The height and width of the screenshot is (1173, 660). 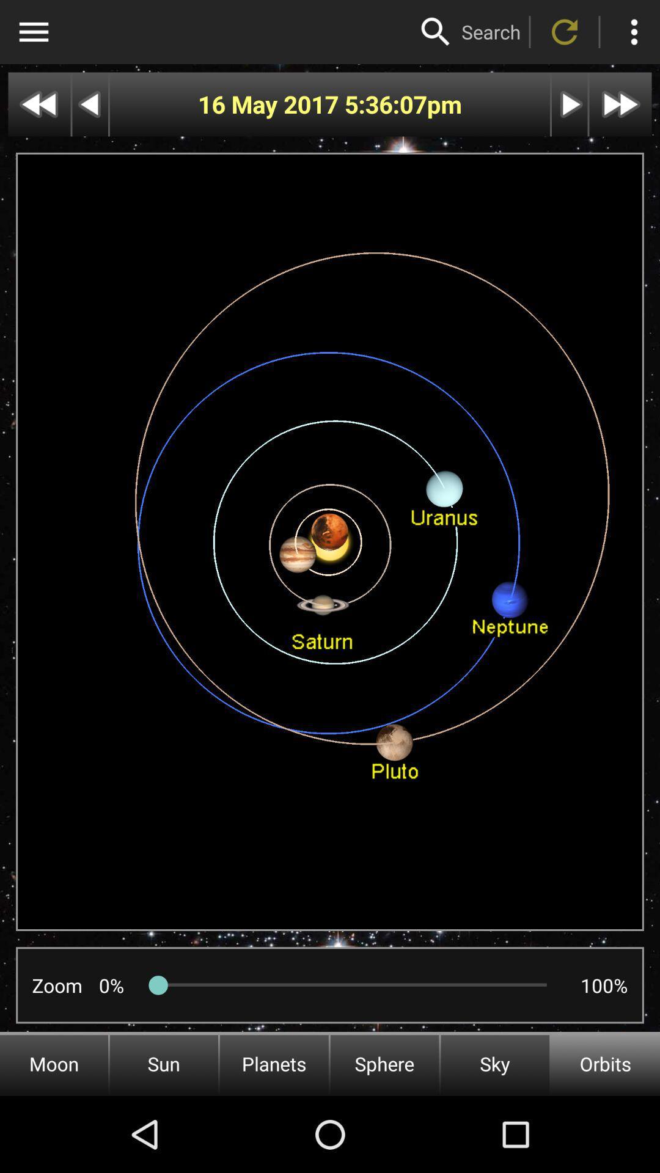 I want to click on skip back further, so click(x=38, y=104).